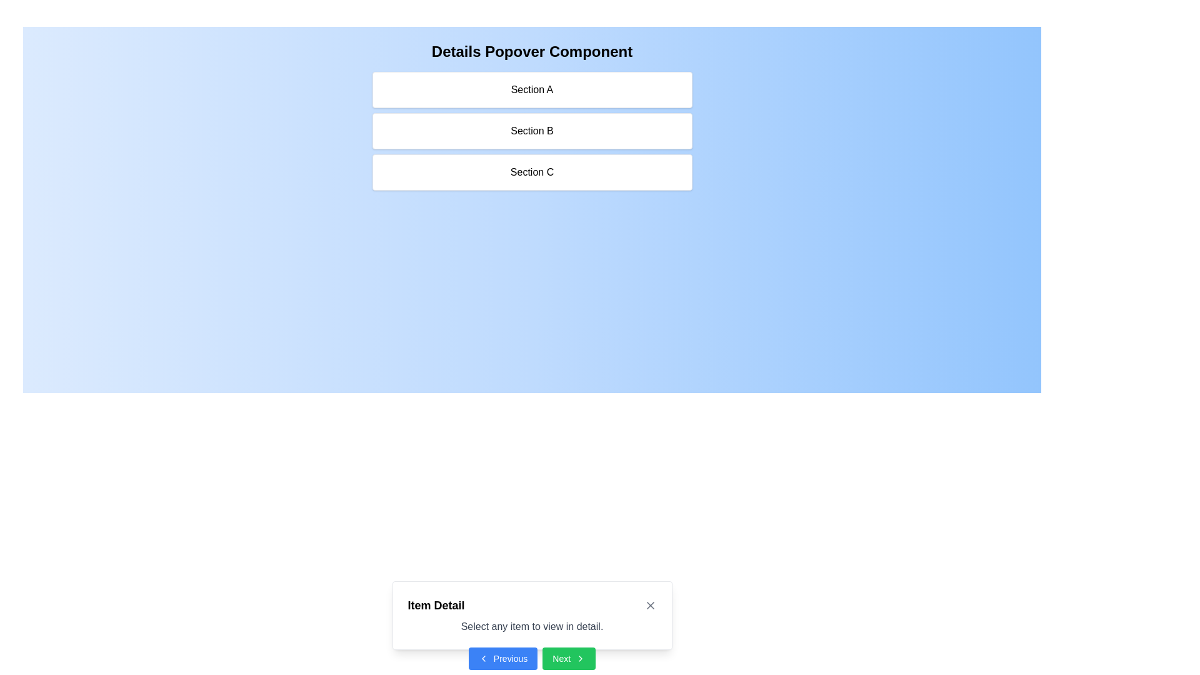 The width and height of the screenshot is (1200, 675). Describe the element at coordinates (580, 657) in the screenshot. I see `the chevron icon located within the green 'Next' button in the footer area of the popover interface` at that location.